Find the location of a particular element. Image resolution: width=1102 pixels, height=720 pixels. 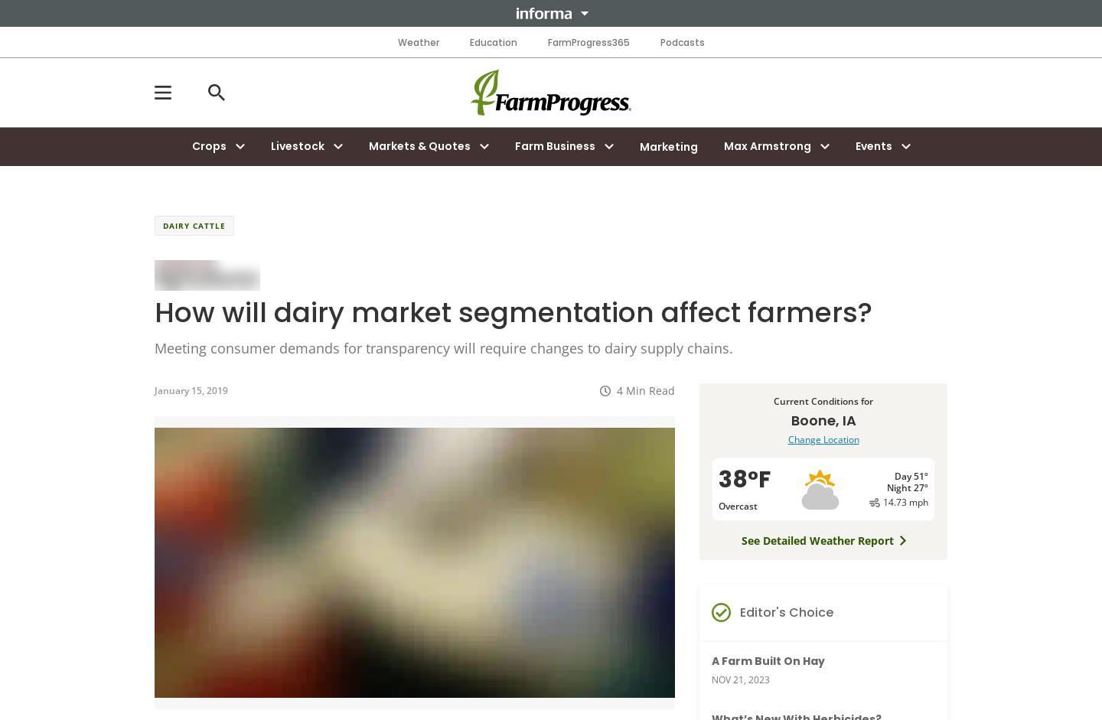

'Livestock' is located at coordinates (295, 145).